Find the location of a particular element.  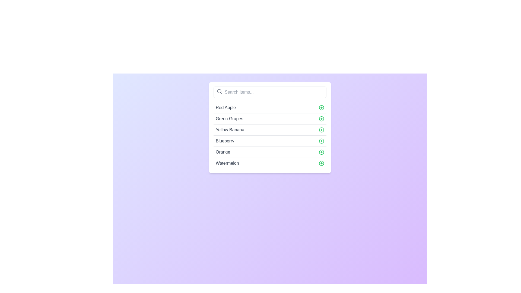

the fourth item is located at coordinates (270, 141).